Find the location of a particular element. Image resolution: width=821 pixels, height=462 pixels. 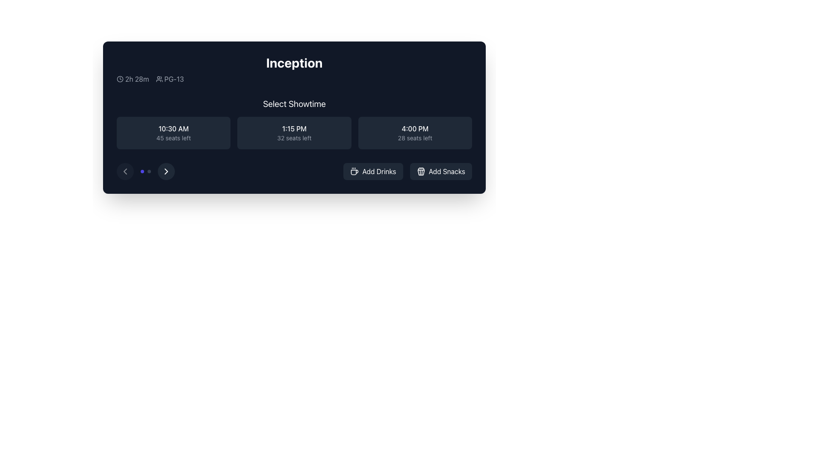

the 'PG-13' Label with Icon element, which indicates a movie rating and is styled in gray, positioned second in the horizontal list at the top left of the content area is located at coordinates (170, 79).